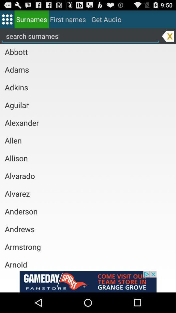  I want to click on the close icon, so click(168, 38).